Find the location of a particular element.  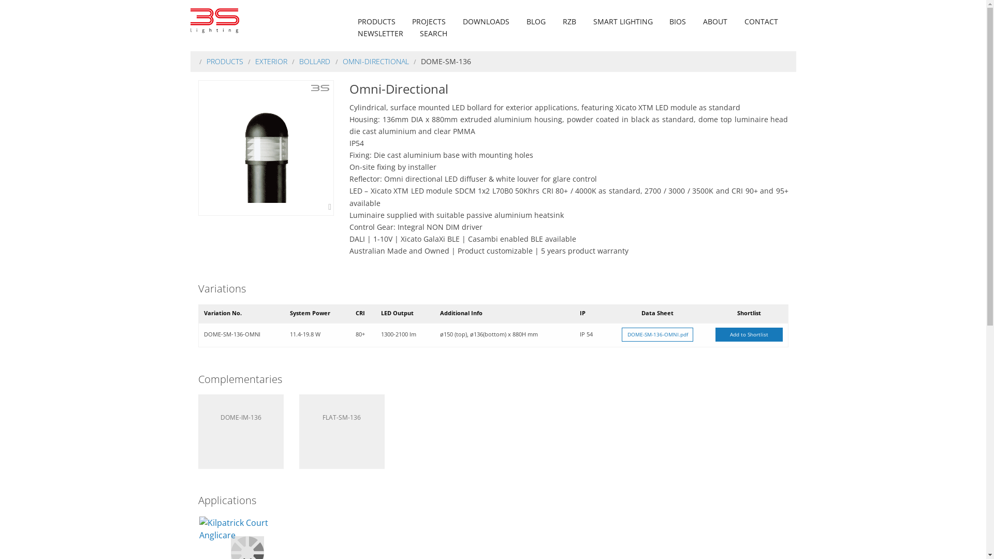

'PROJECTS' is located at coordinates (429, 21).